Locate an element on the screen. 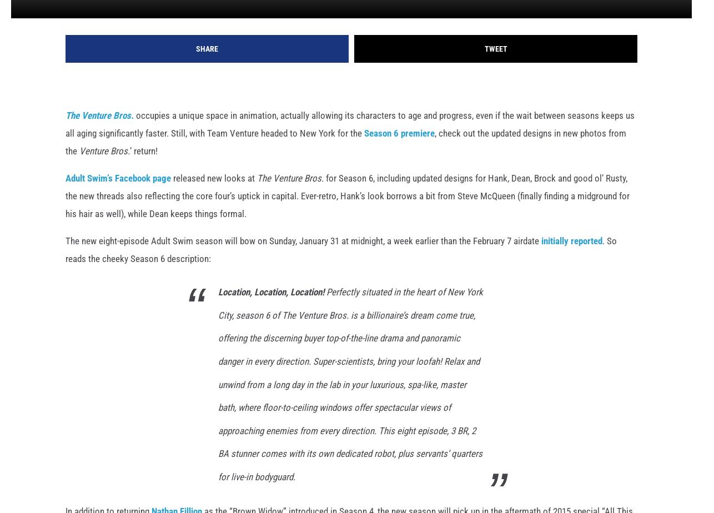 This screenshot has height=513, width=714. ', check out the updated designs in new photos from the' is located at coordinates (345, 160).